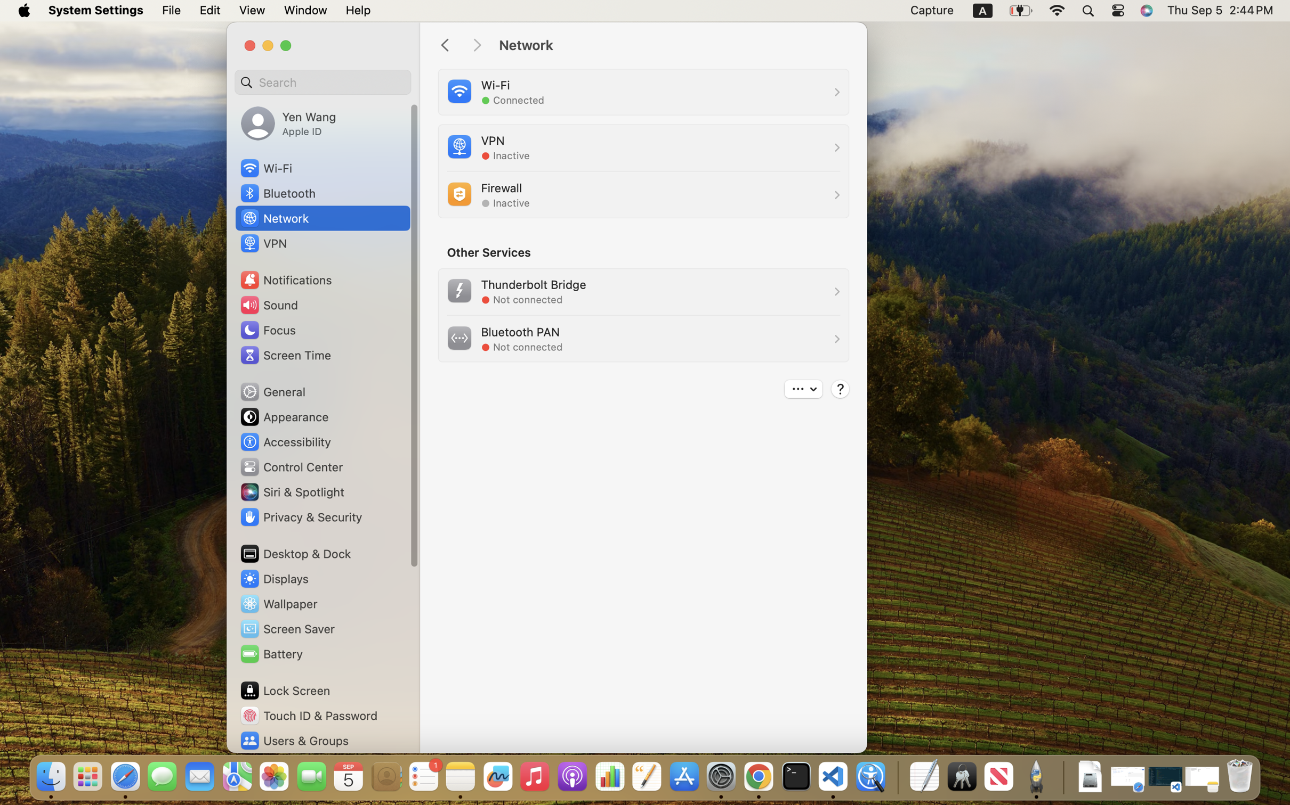  What do you see at coordinates (287, 628) in the screenshot?
I see `'Screen Saver'` at bounding box center [287, 628].